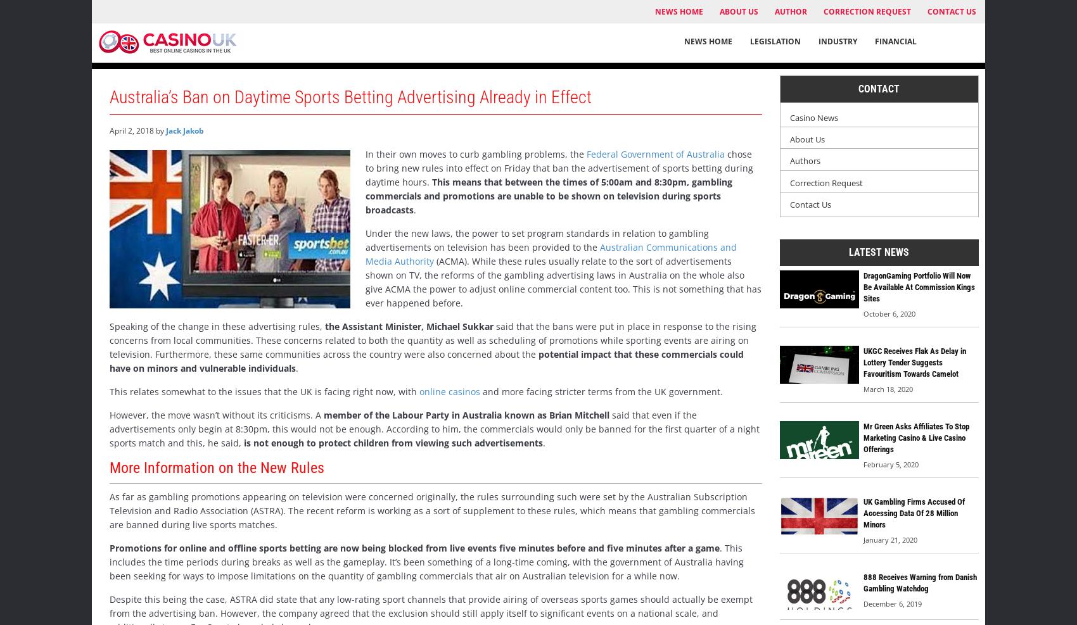 Image resolution: width=1077 pixels, height=625 pixels. I want to click on 'March 18, 2020', so click(863, 388).